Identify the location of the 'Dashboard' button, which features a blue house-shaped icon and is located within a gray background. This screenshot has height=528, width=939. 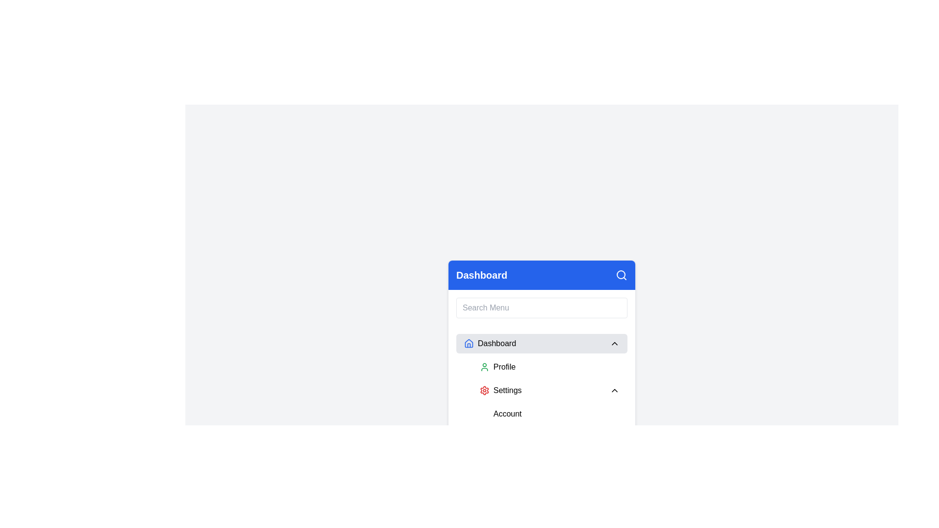
(490, 343).